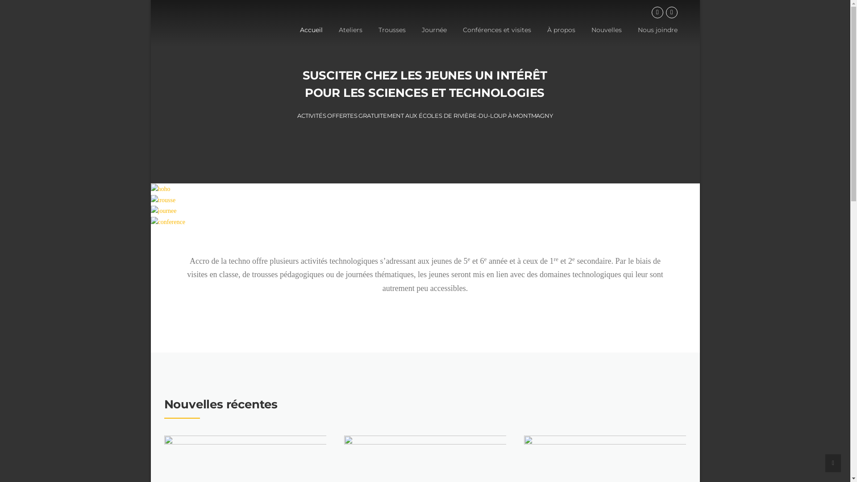  Describe the element at coordinates (150, 221) in the screenshot. I see `'conference'` at that location.